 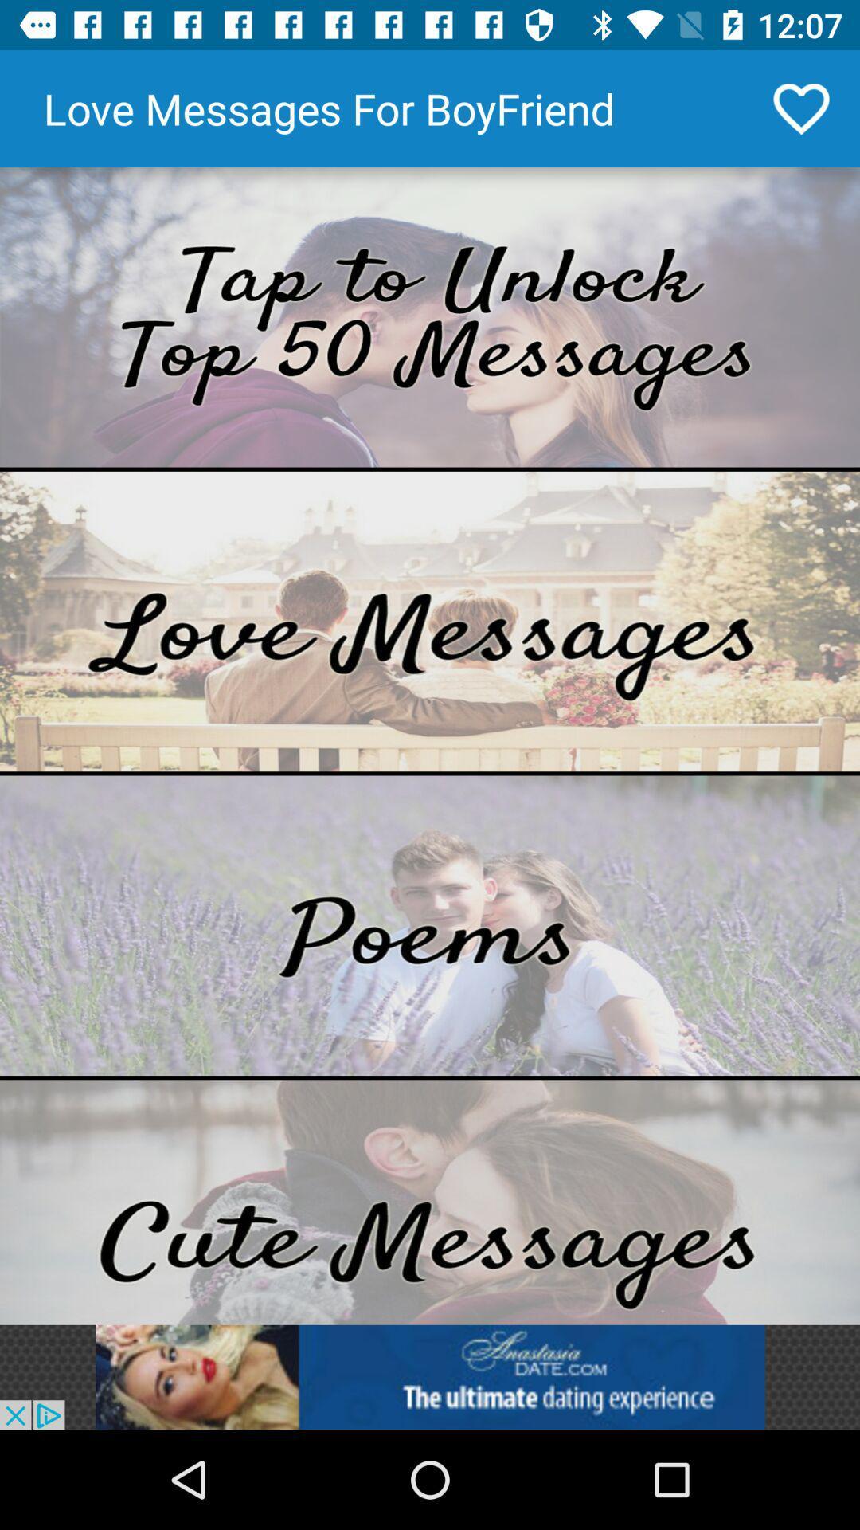 I want to click on next page, so click(x=430, y=317).